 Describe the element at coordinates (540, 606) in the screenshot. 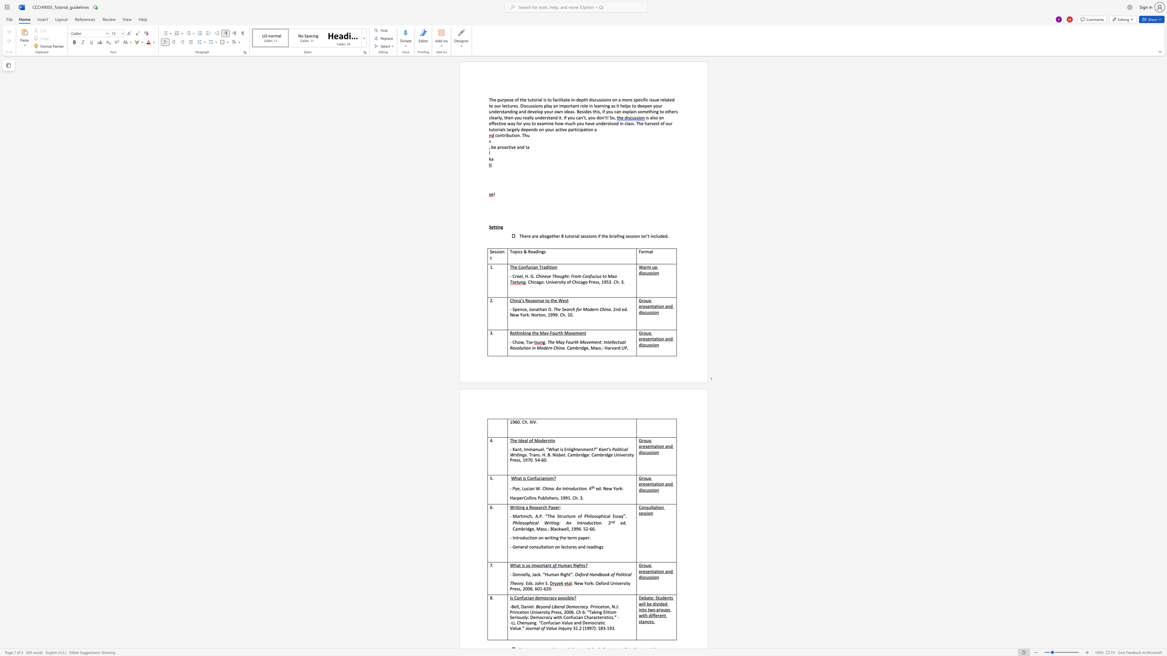

I see `the subset text "yond Liberal" within the text "Beyond Liberal Democracy"` at that location.